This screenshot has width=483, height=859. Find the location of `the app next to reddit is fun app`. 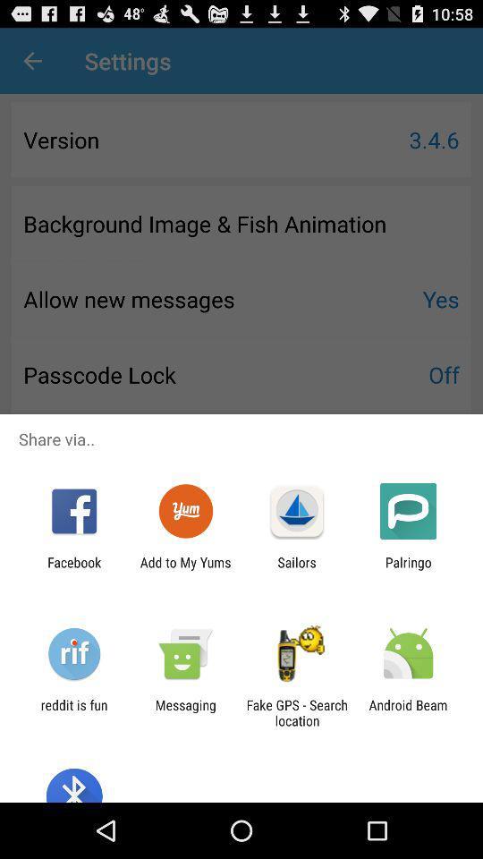

the app next to reddit is fun app is located at coordinates (184, 712).